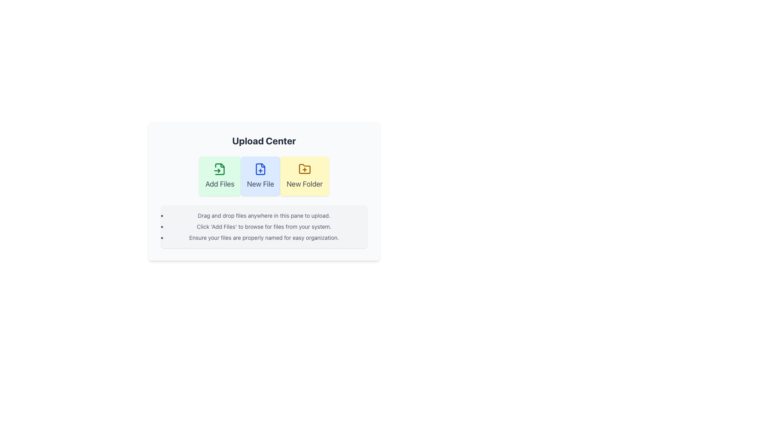 Image resolution: width=758 pixels, height=426 pixels. I want to click on the leftmost button labeled 'Add Files' that appears as a light green rectangular box with rounded corners, featuring a document icon and bold dark gray text, so click(220, 176).